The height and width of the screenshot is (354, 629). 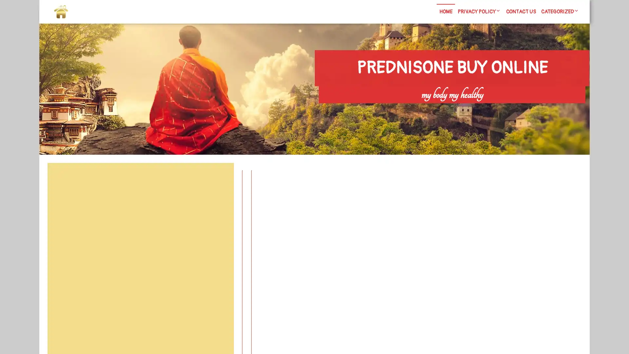 What do you see at coordinates (219, 179) in the screenshot?
I see `Search` at bounding box center [219, 179].